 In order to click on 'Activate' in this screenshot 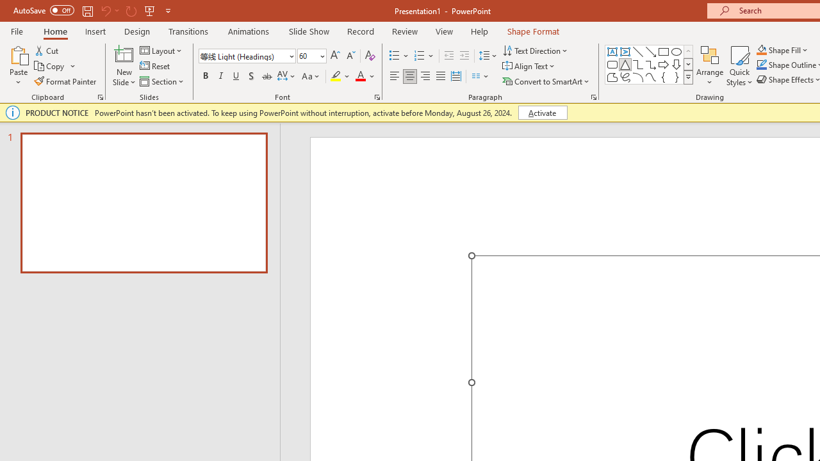, I will do `click(543, 112)`.